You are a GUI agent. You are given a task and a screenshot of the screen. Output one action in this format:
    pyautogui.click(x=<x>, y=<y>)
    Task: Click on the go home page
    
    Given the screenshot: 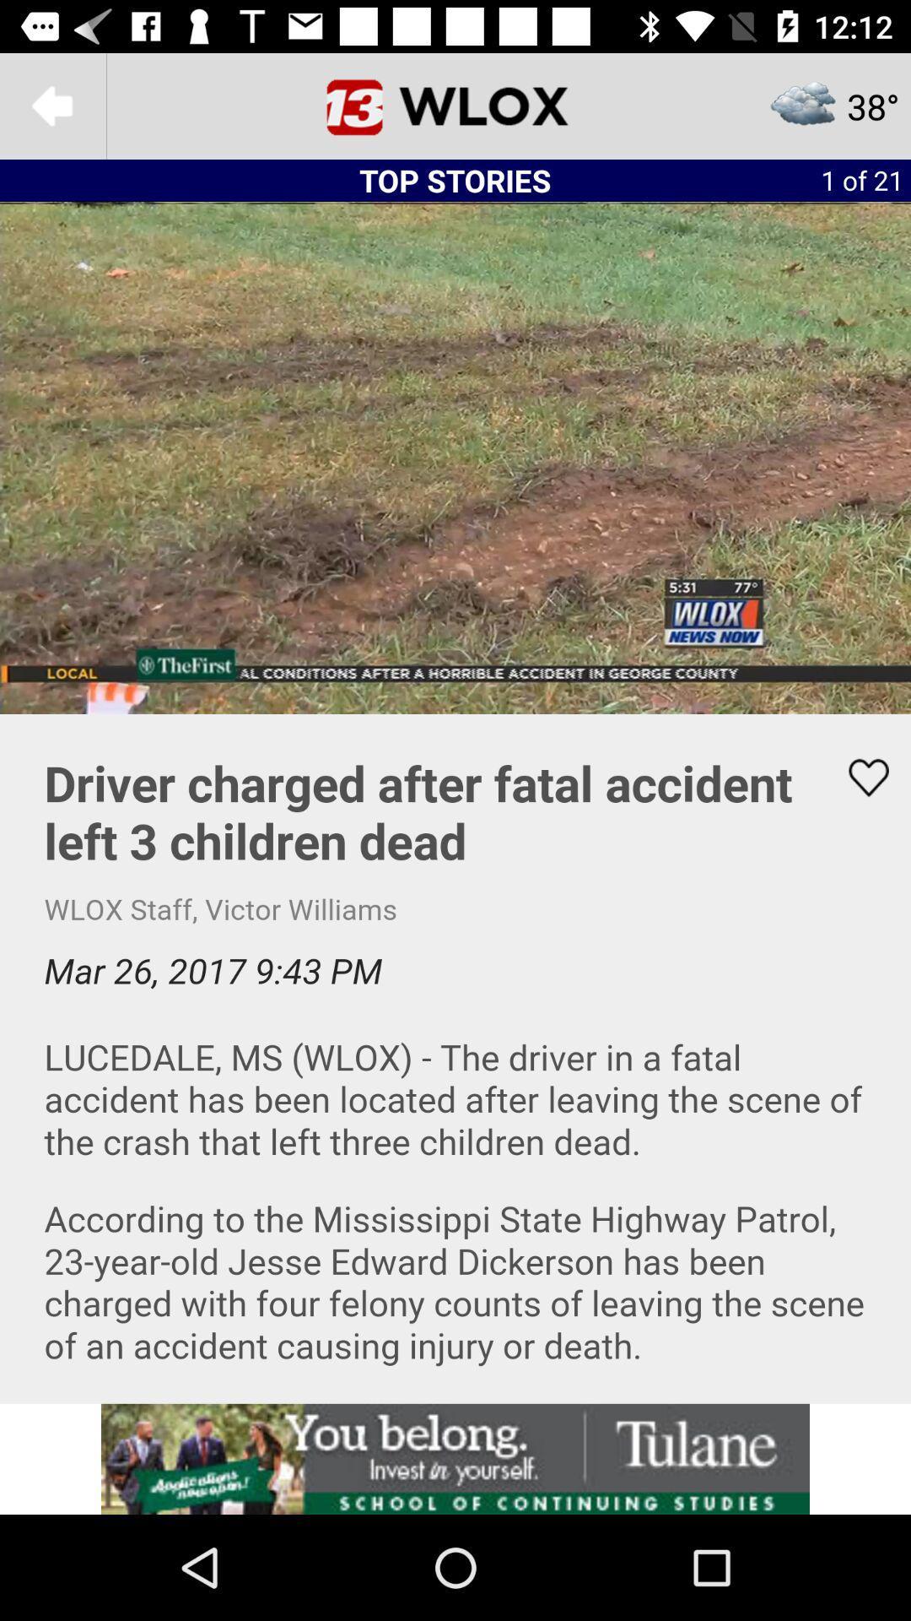 What is the action you would take?
    pyautogui.click(x=455, y=105)
    